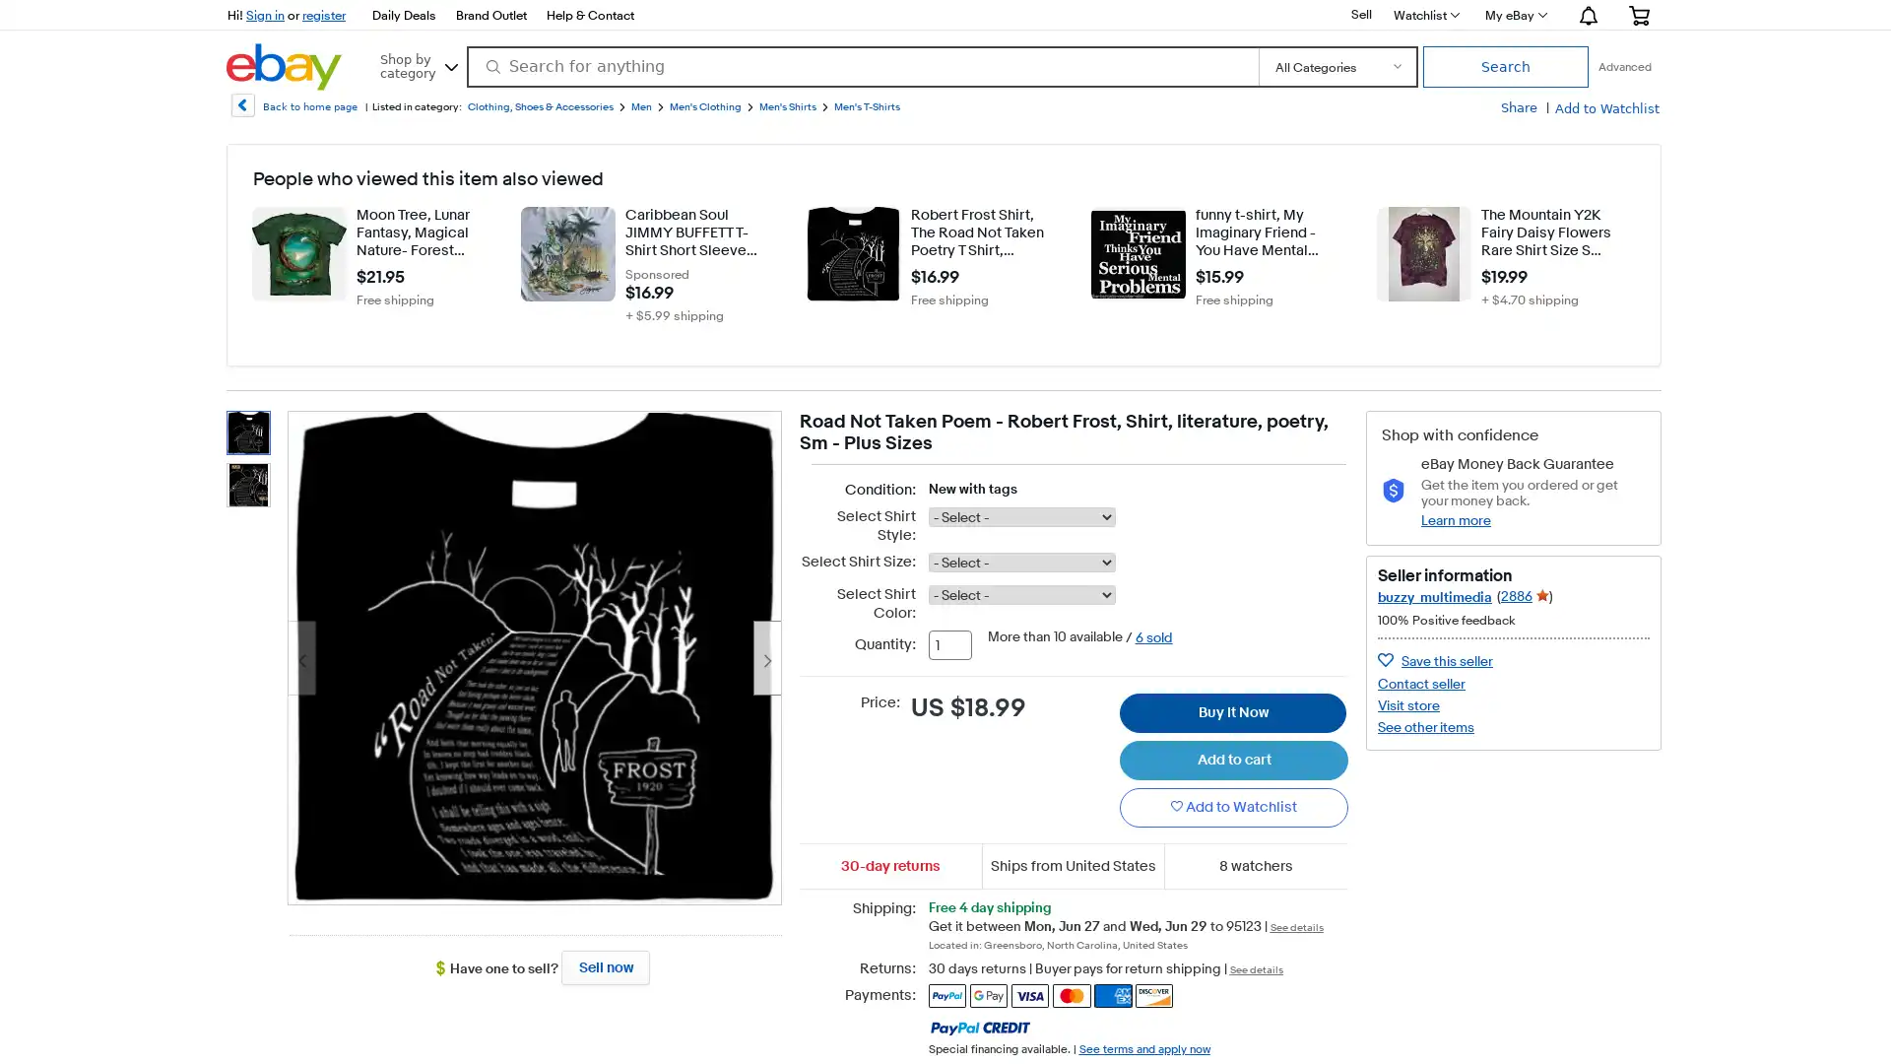 The image size is (1891, 1064). Describe the element at coordinates (1588, 15) in the screenshot. I see `Notification` at that location.